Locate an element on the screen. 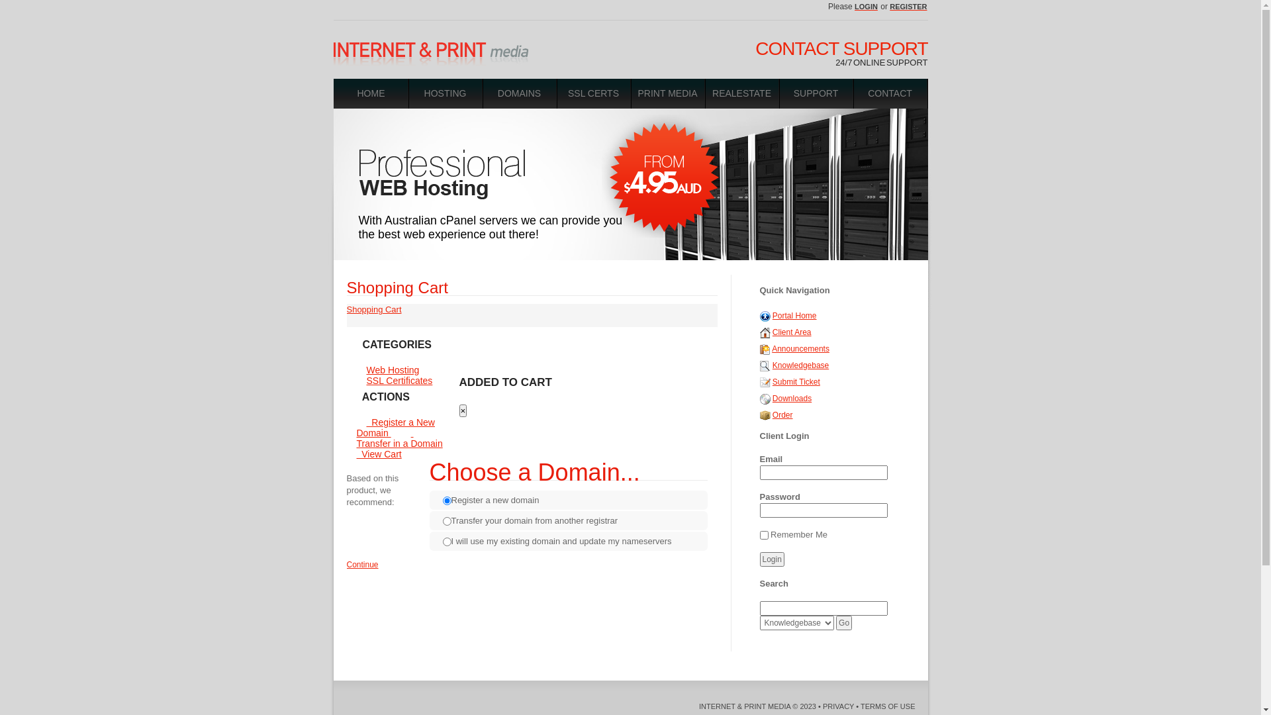  'LOGIN' is located at coordinates (867, 7).